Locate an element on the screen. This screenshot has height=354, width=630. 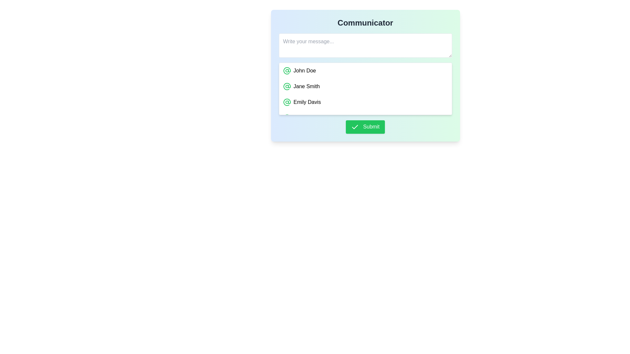
the white, rectangular Scrollable List Box containing names with green '@' icons, positioned centrally below the 'Write your message...' input field and above the green 'Submit' button is located at coordinates (365, 88).